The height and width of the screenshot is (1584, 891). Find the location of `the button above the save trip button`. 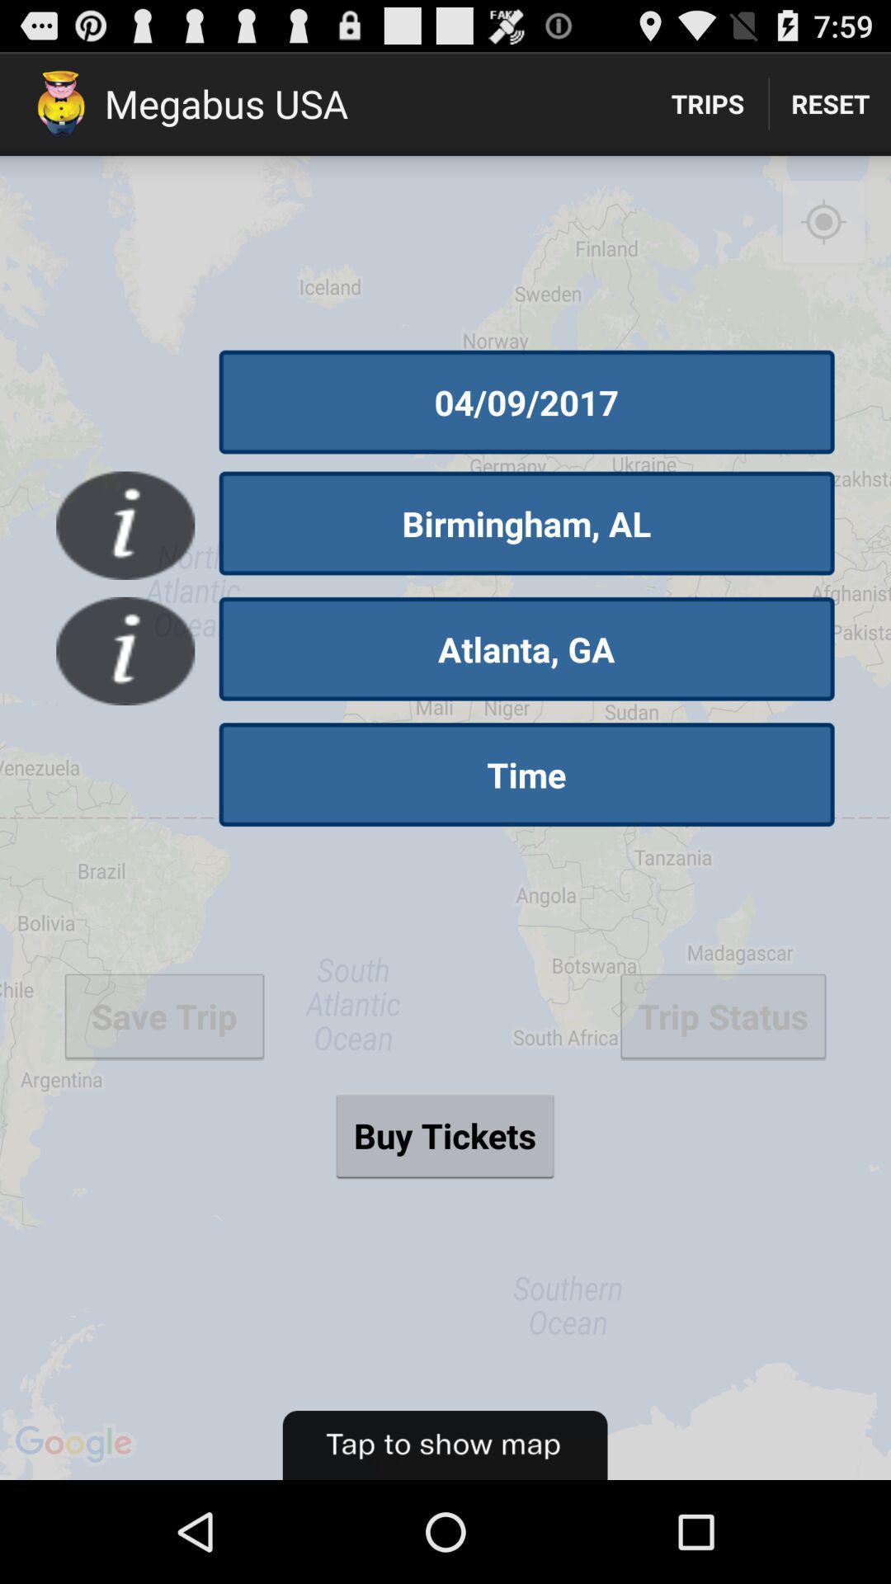

the button above the save trip button is located at coordinates (125, 650).